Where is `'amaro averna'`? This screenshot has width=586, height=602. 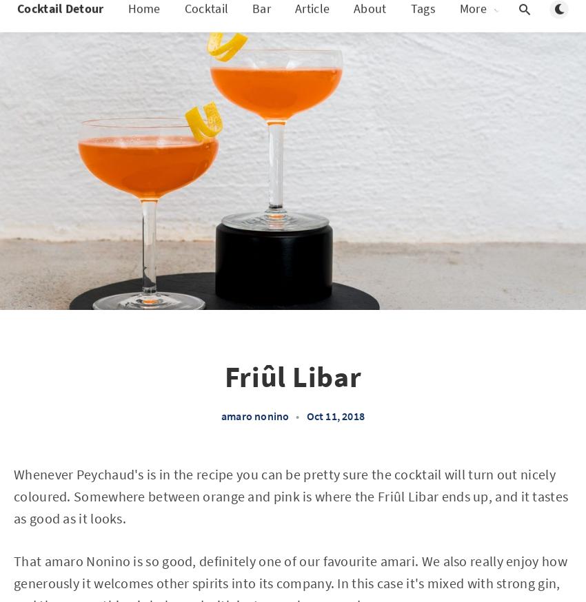 'amaro averna' is located at coordinates (376, 299).